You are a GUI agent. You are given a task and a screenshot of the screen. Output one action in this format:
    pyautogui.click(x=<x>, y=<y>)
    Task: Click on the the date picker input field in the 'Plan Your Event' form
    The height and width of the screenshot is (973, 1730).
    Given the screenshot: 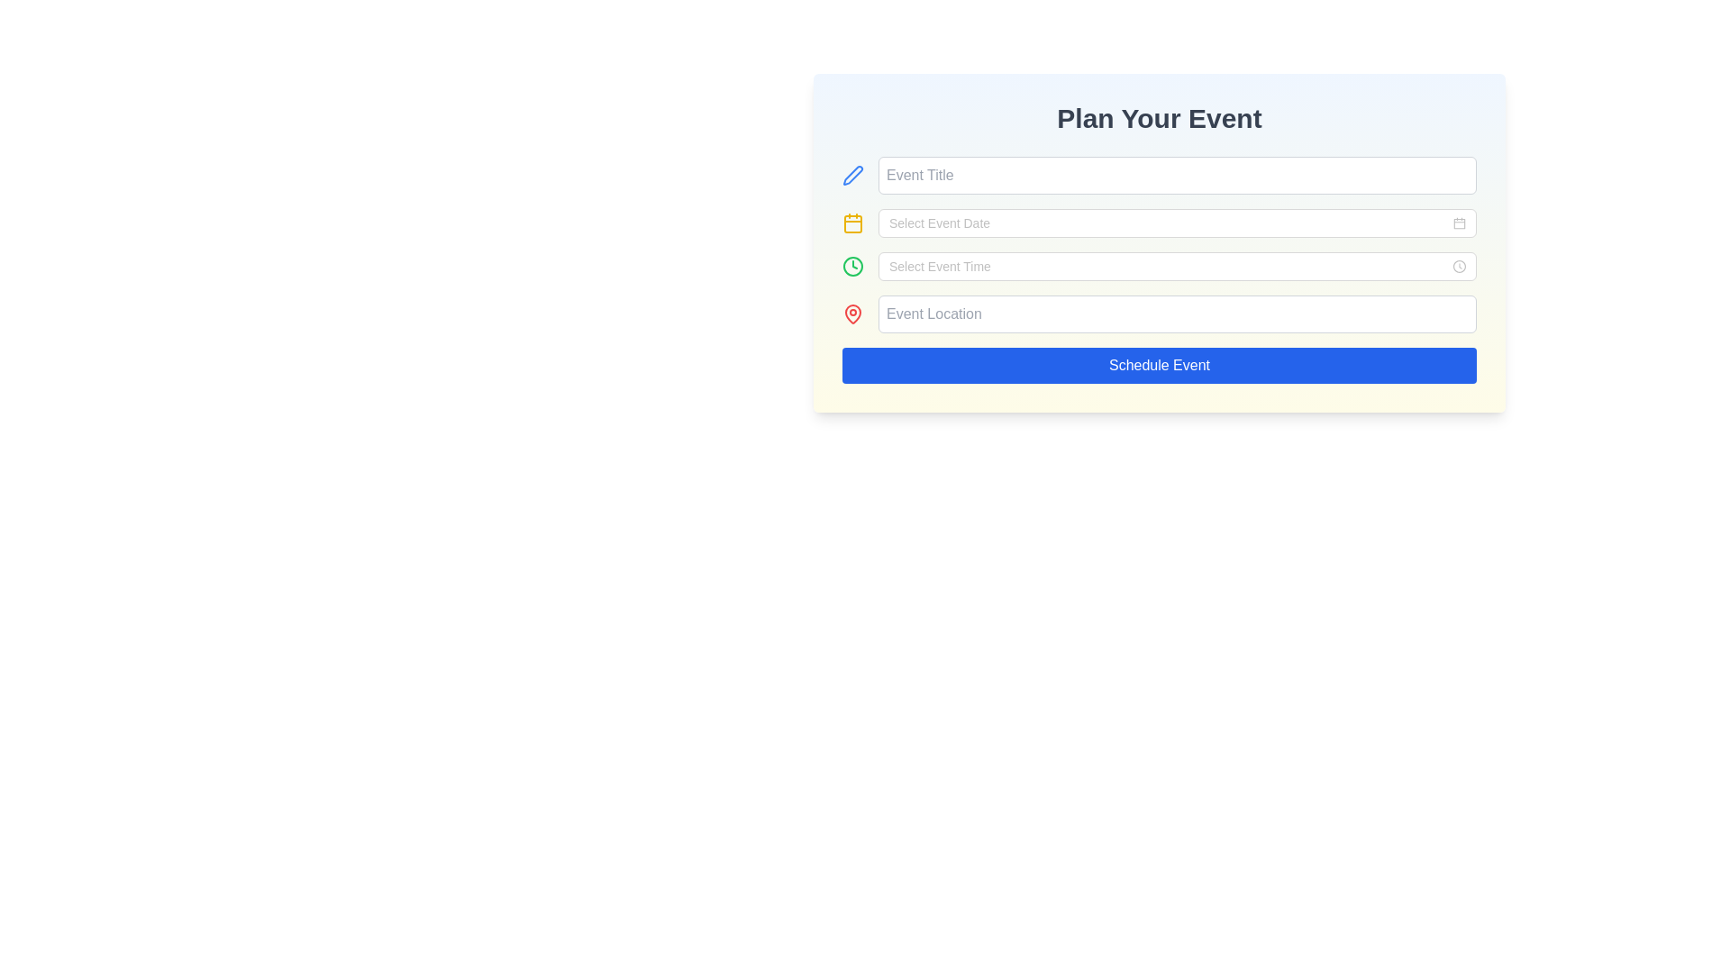 What is the action you would take?
    pyautogui.click(x=1177, y=222)
    